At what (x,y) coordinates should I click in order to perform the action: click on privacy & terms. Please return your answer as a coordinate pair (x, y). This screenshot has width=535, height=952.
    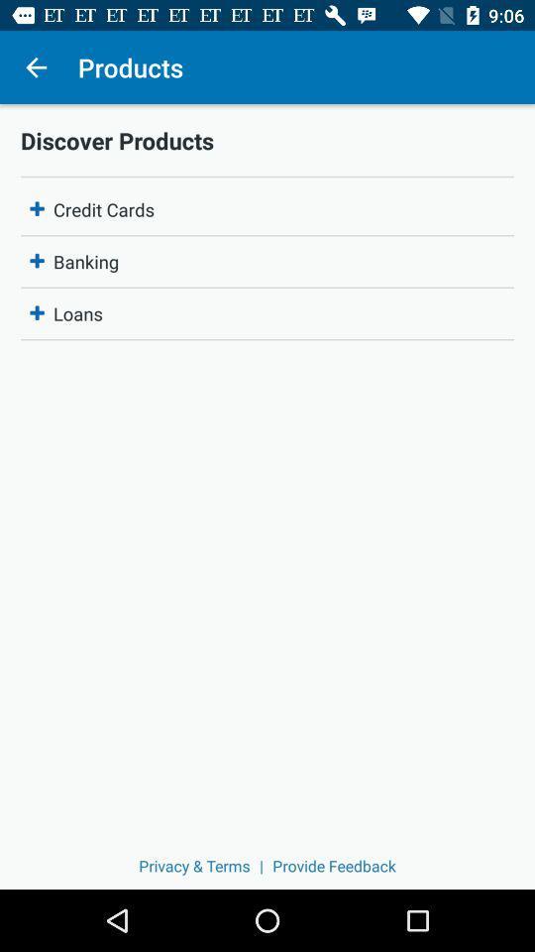
    Looking at the image, I should click on (194, 865).